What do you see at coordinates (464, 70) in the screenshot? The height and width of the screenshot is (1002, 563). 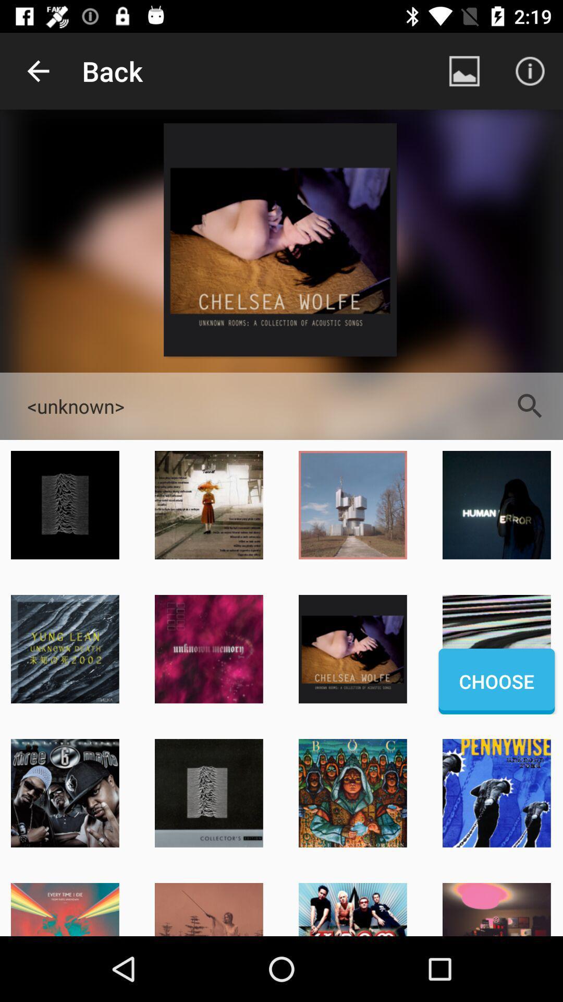 I see `app to the right of back icon` at bounding box center [464, 70].